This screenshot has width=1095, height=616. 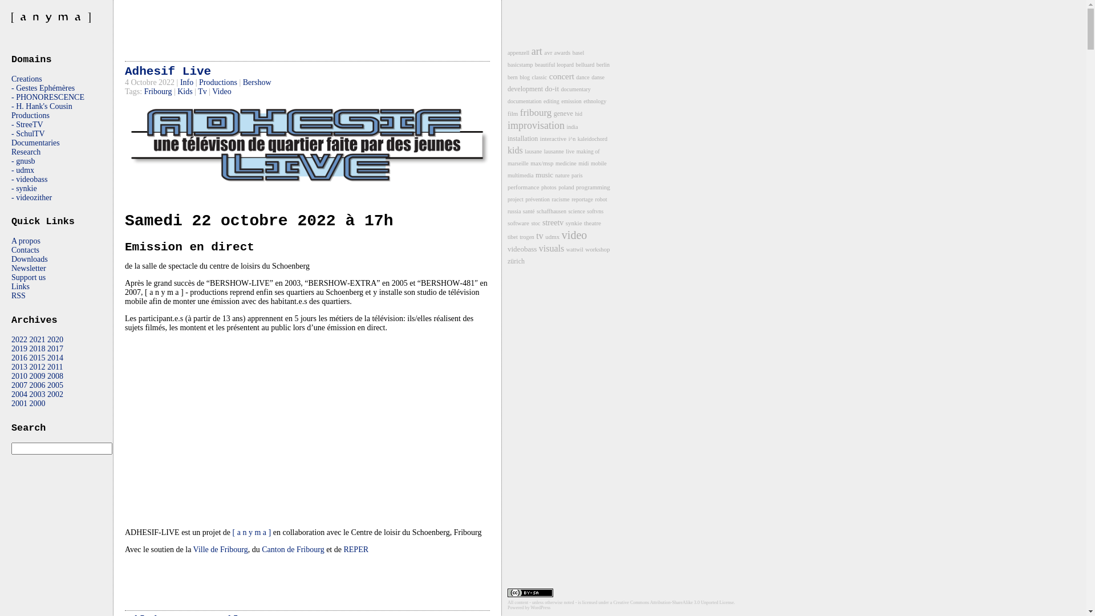 What do you see at coordinates (594, 100) in the screenshot?
I see `'ethnology'` at bounding box center [594, 100].